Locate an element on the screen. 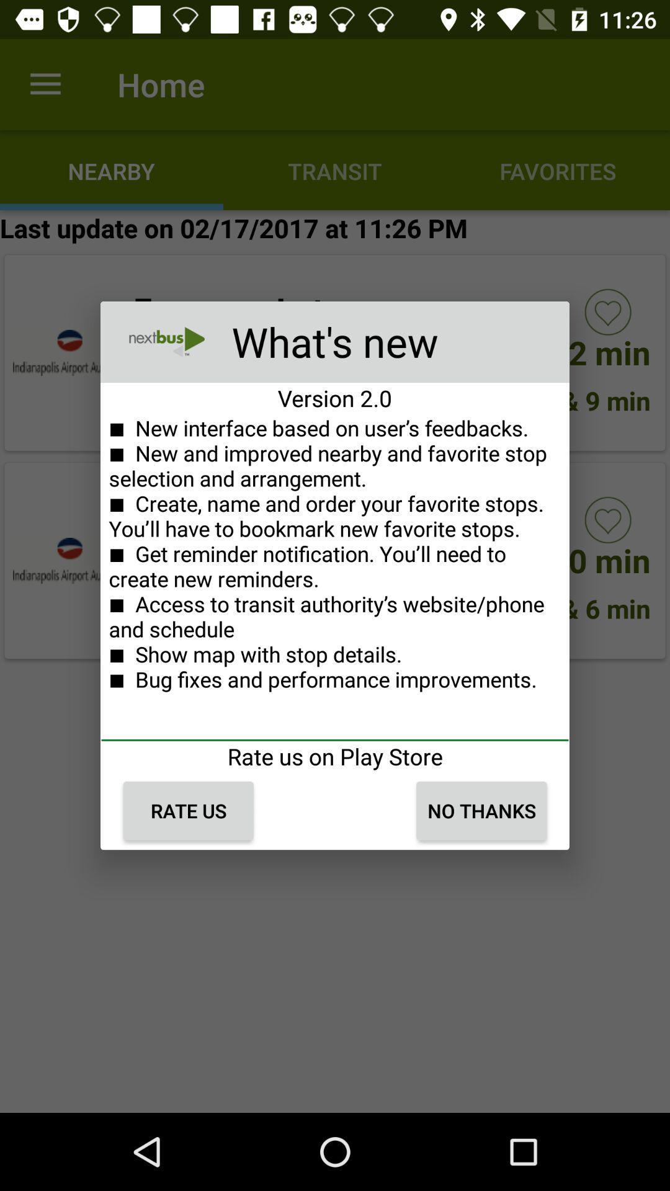 The width and height of the screenshot is (670, 1191). the no thanks icon is located at coordinates (481, 811).